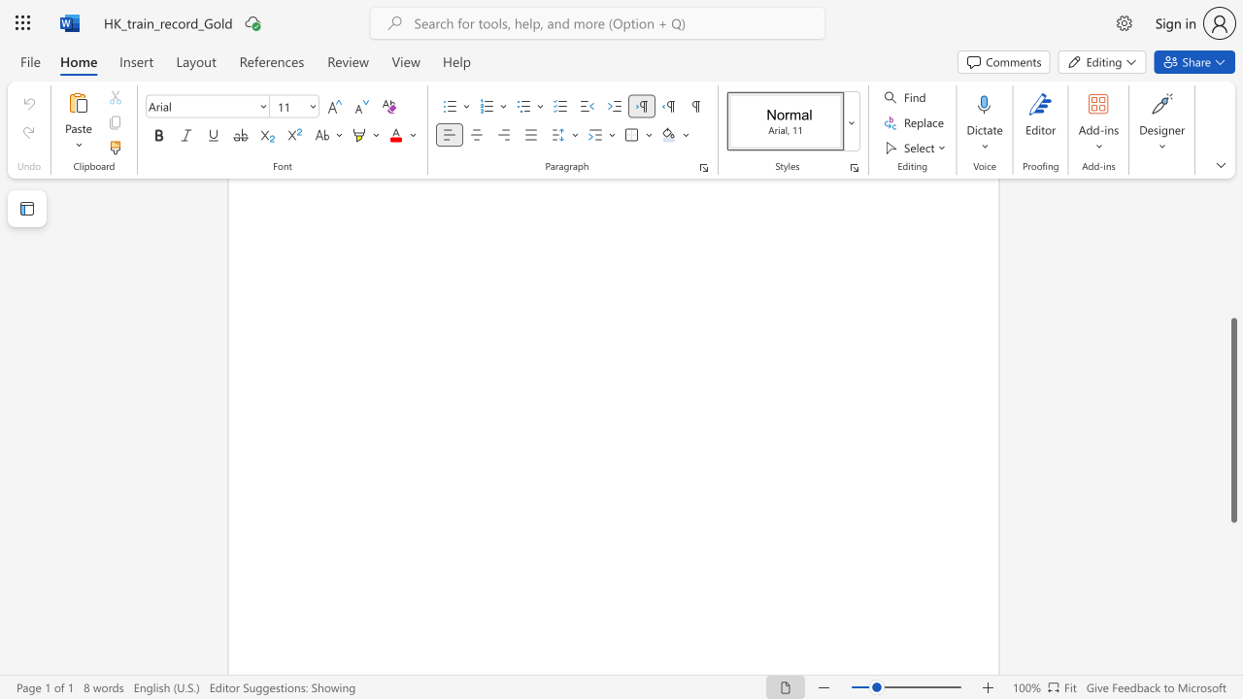 This screenshot has width=1243, height=699. I want to click on the scrollbar and move up 70 pixels, so click(1232, 419).